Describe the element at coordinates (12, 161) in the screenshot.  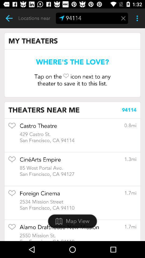
I see `to favorites` at that location.